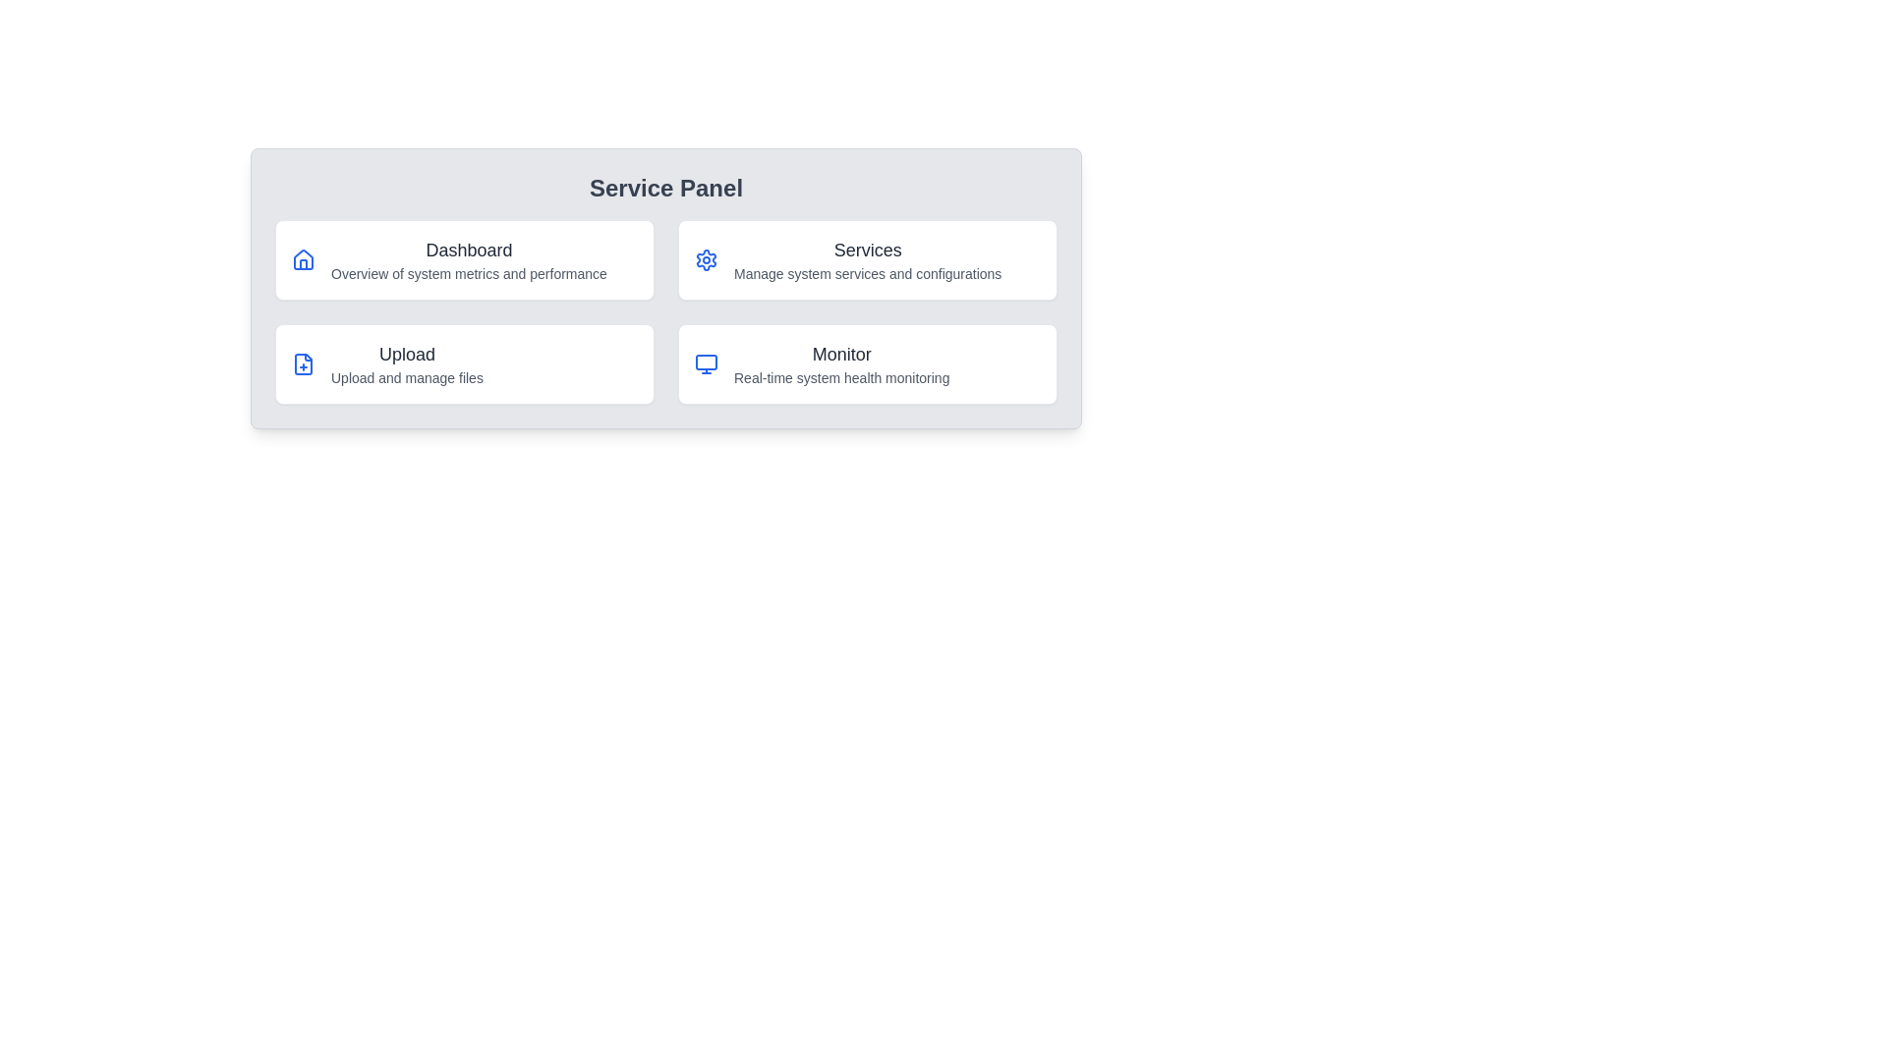 The height and width of the screenshot is (1061, 1887). Describe the element at coordinates (707, 363) in the screenshot. I see `the Monitor service icon located in the bottom-right corner of the Service Panel, positioned left of the text description` at that location.